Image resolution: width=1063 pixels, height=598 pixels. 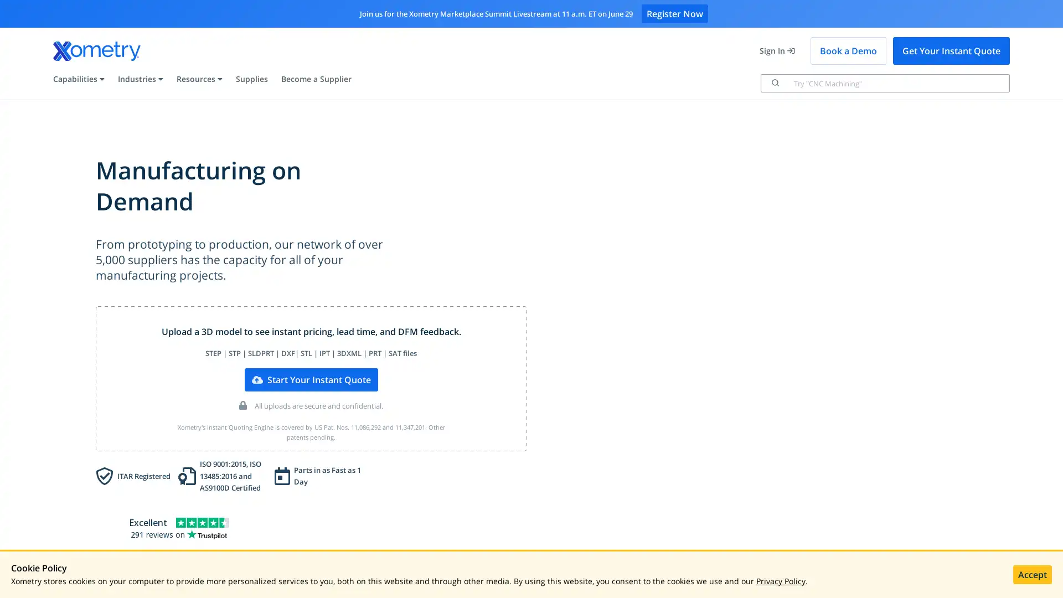 What do you see at coordinates (773, 83) in the screenshot?
I see `Submit` at bounding box center [773, 83].